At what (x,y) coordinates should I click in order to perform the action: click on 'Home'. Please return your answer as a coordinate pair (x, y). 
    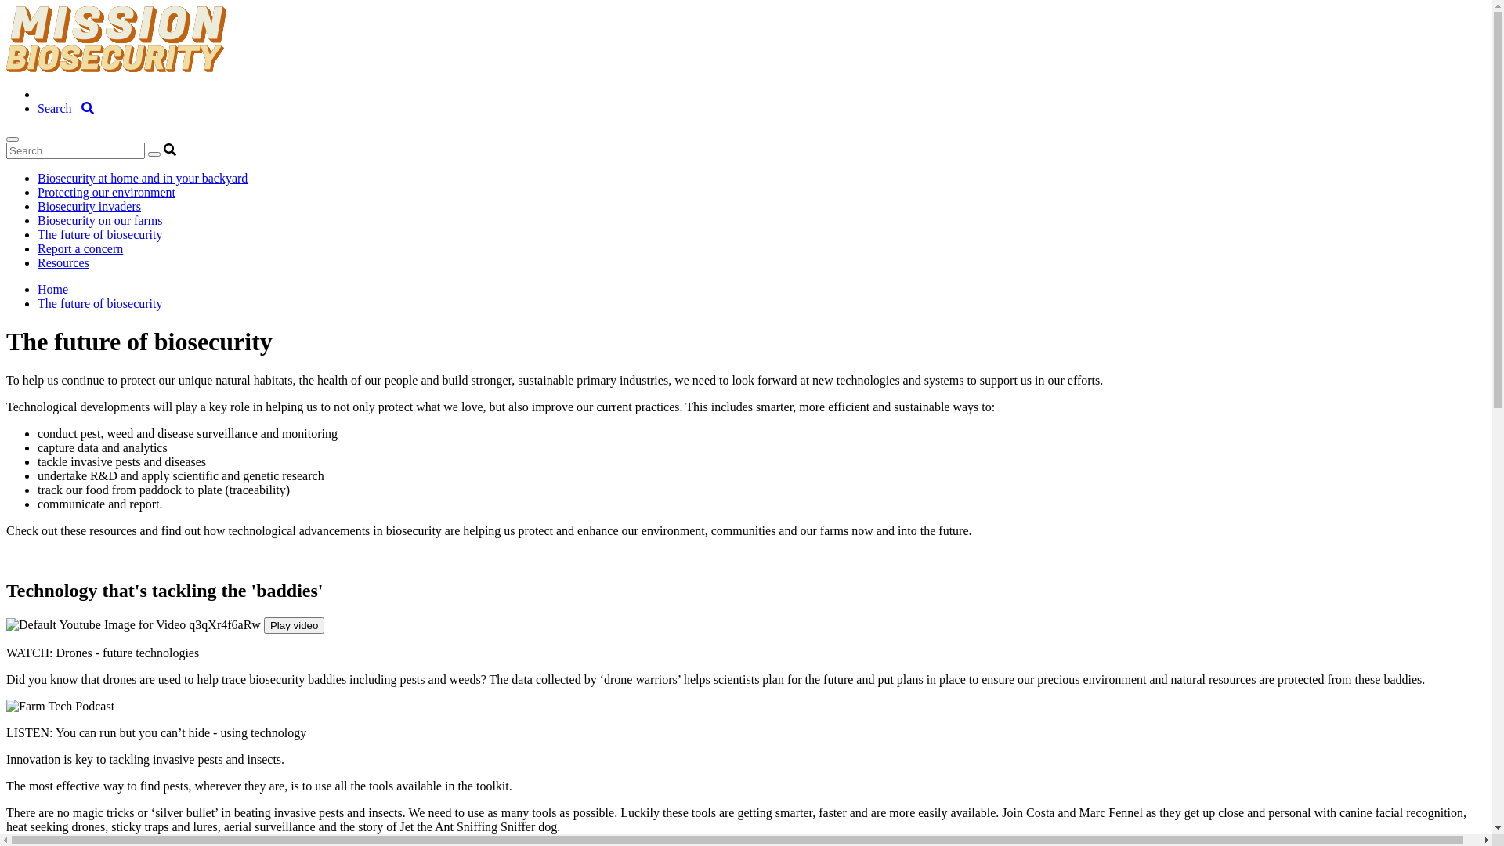
    Looking at the image, I should click on (38, 289).